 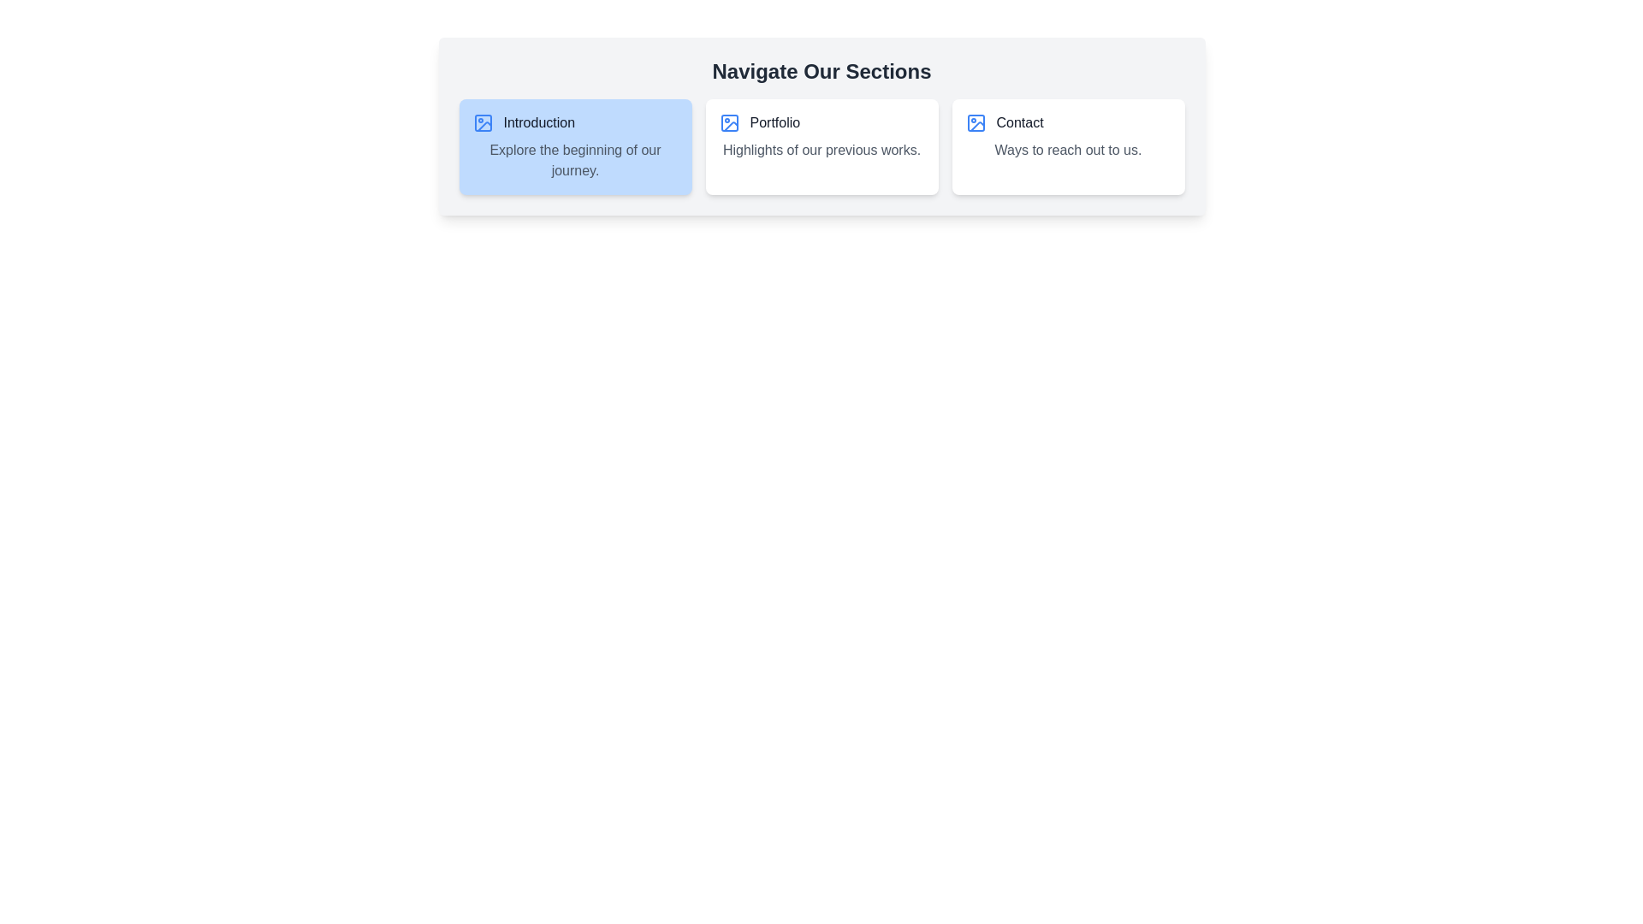 What do you see at coordinates (976, 121) in the screenshot?
I see `the blue icon resembling a simplistic image frame with a circle inside it, located within the 'Contact' card section, to the left of the text 'Contact'` at bounding box center [976, 121].